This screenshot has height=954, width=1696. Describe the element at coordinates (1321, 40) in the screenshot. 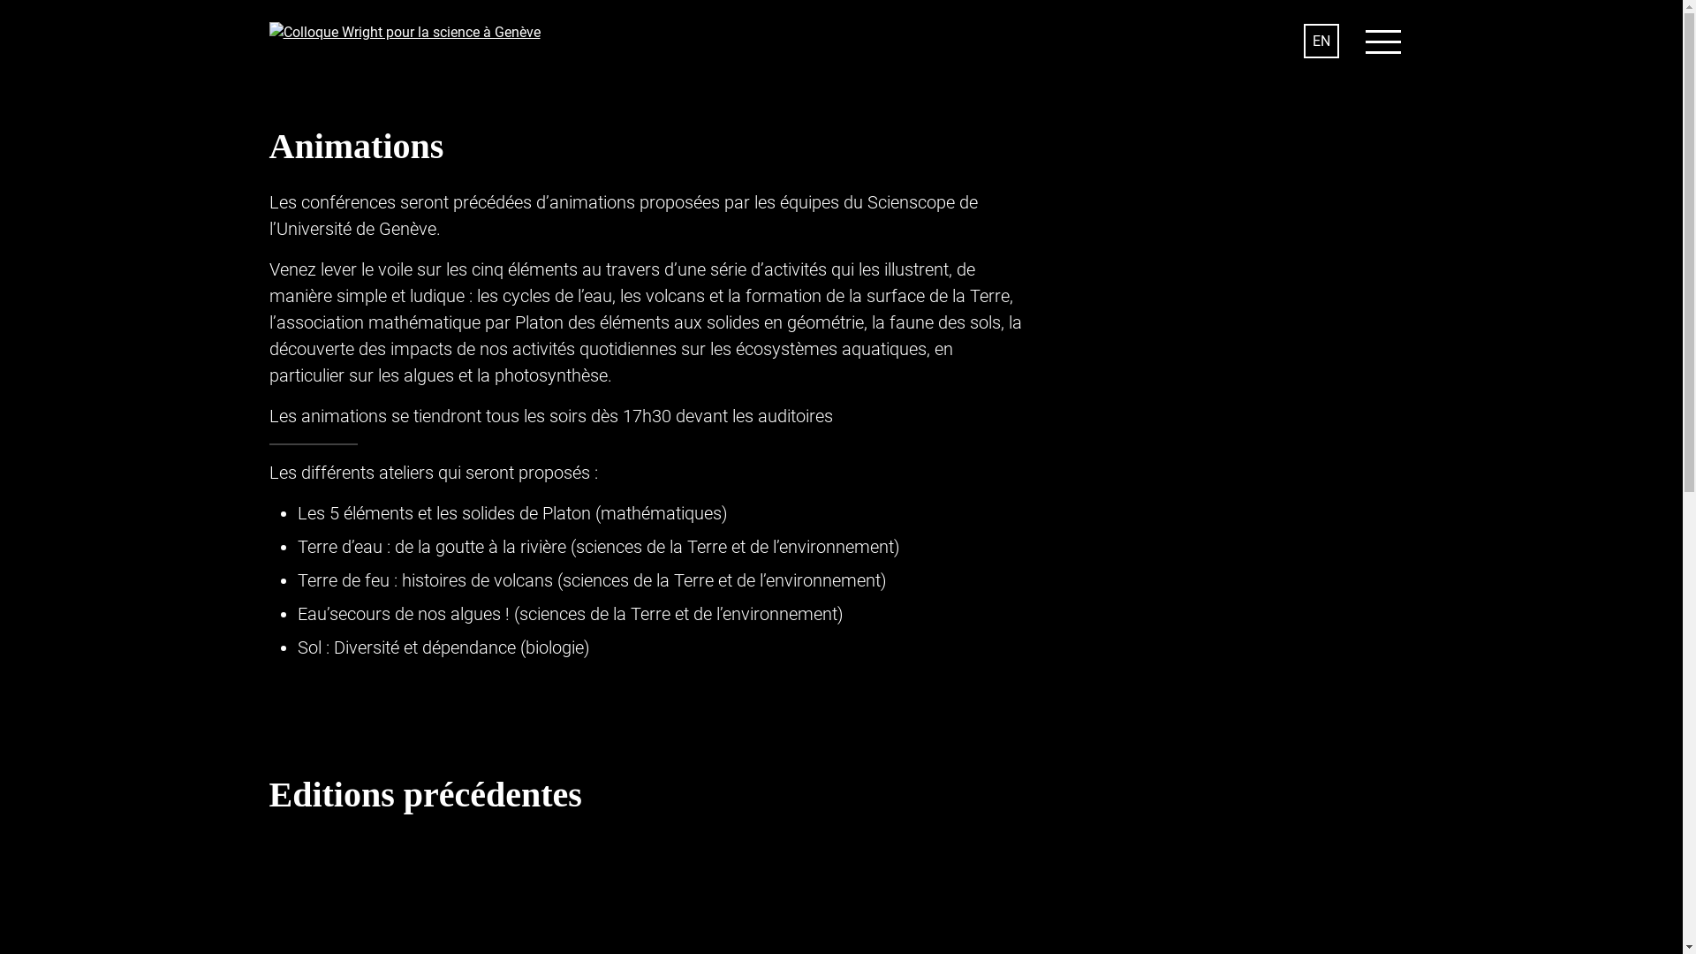

I see `'EN'` at that location.